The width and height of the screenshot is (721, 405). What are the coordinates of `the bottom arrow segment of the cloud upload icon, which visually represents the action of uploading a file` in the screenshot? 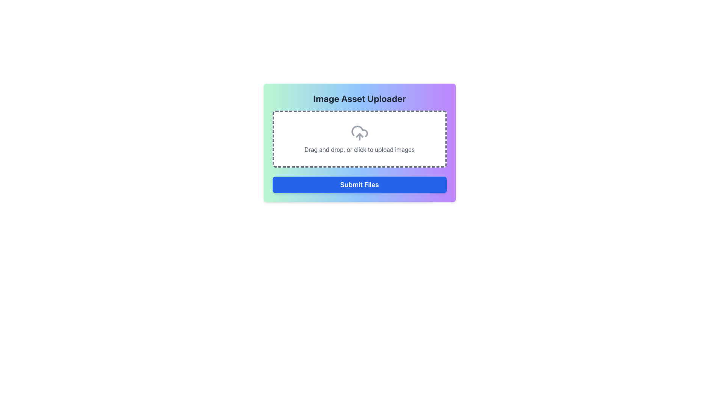 It's located at (359, 135).